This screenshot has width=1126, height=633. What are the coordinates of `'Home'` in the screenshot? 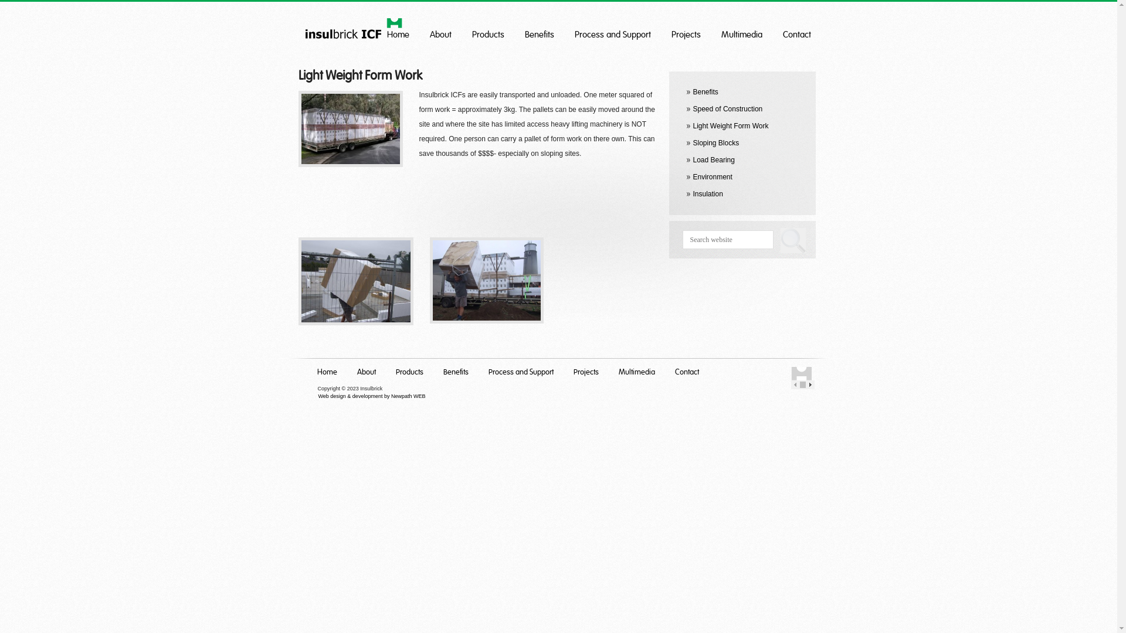 It's located at (398, 31).